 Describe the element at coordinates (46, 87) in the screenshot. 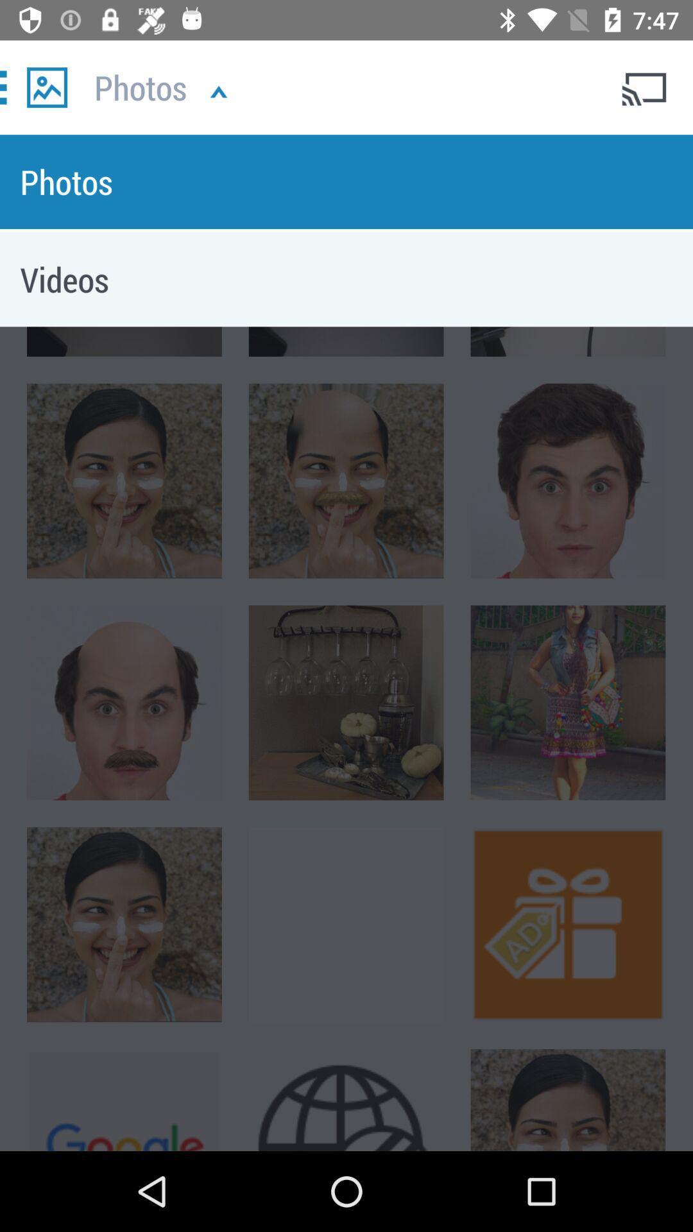

I see `the wallpaper icon` at that location.